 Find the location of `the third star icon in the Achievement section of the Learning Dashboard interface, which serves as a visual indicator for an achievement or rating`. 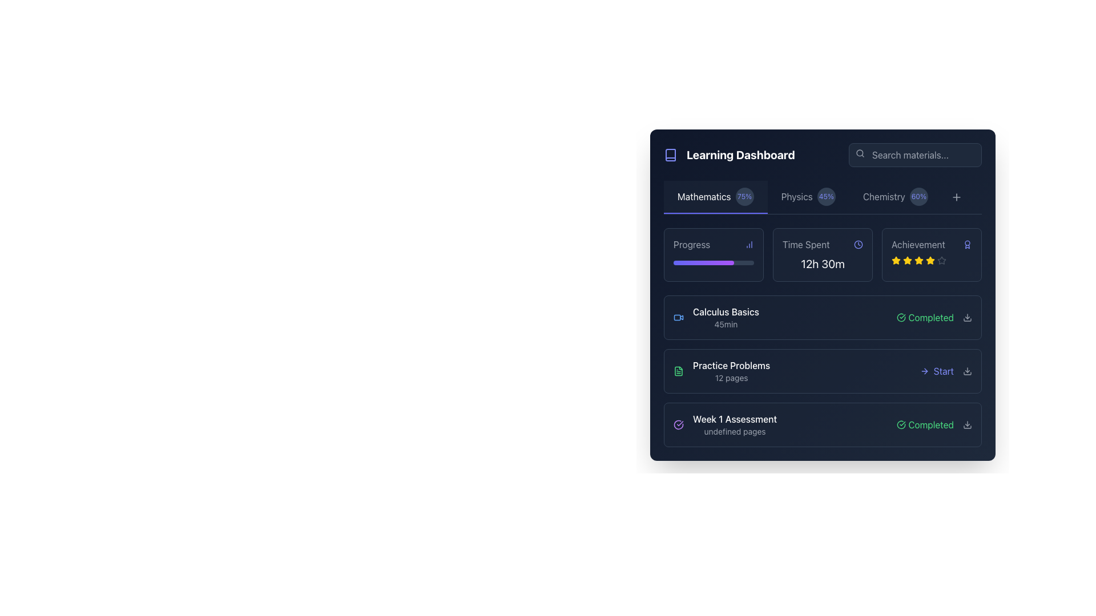

the third star icon in the Achievement section of the Learning Dashboard interface, which serves as a visual indicator for an achievement or rating is located at coordinates (906, 260).